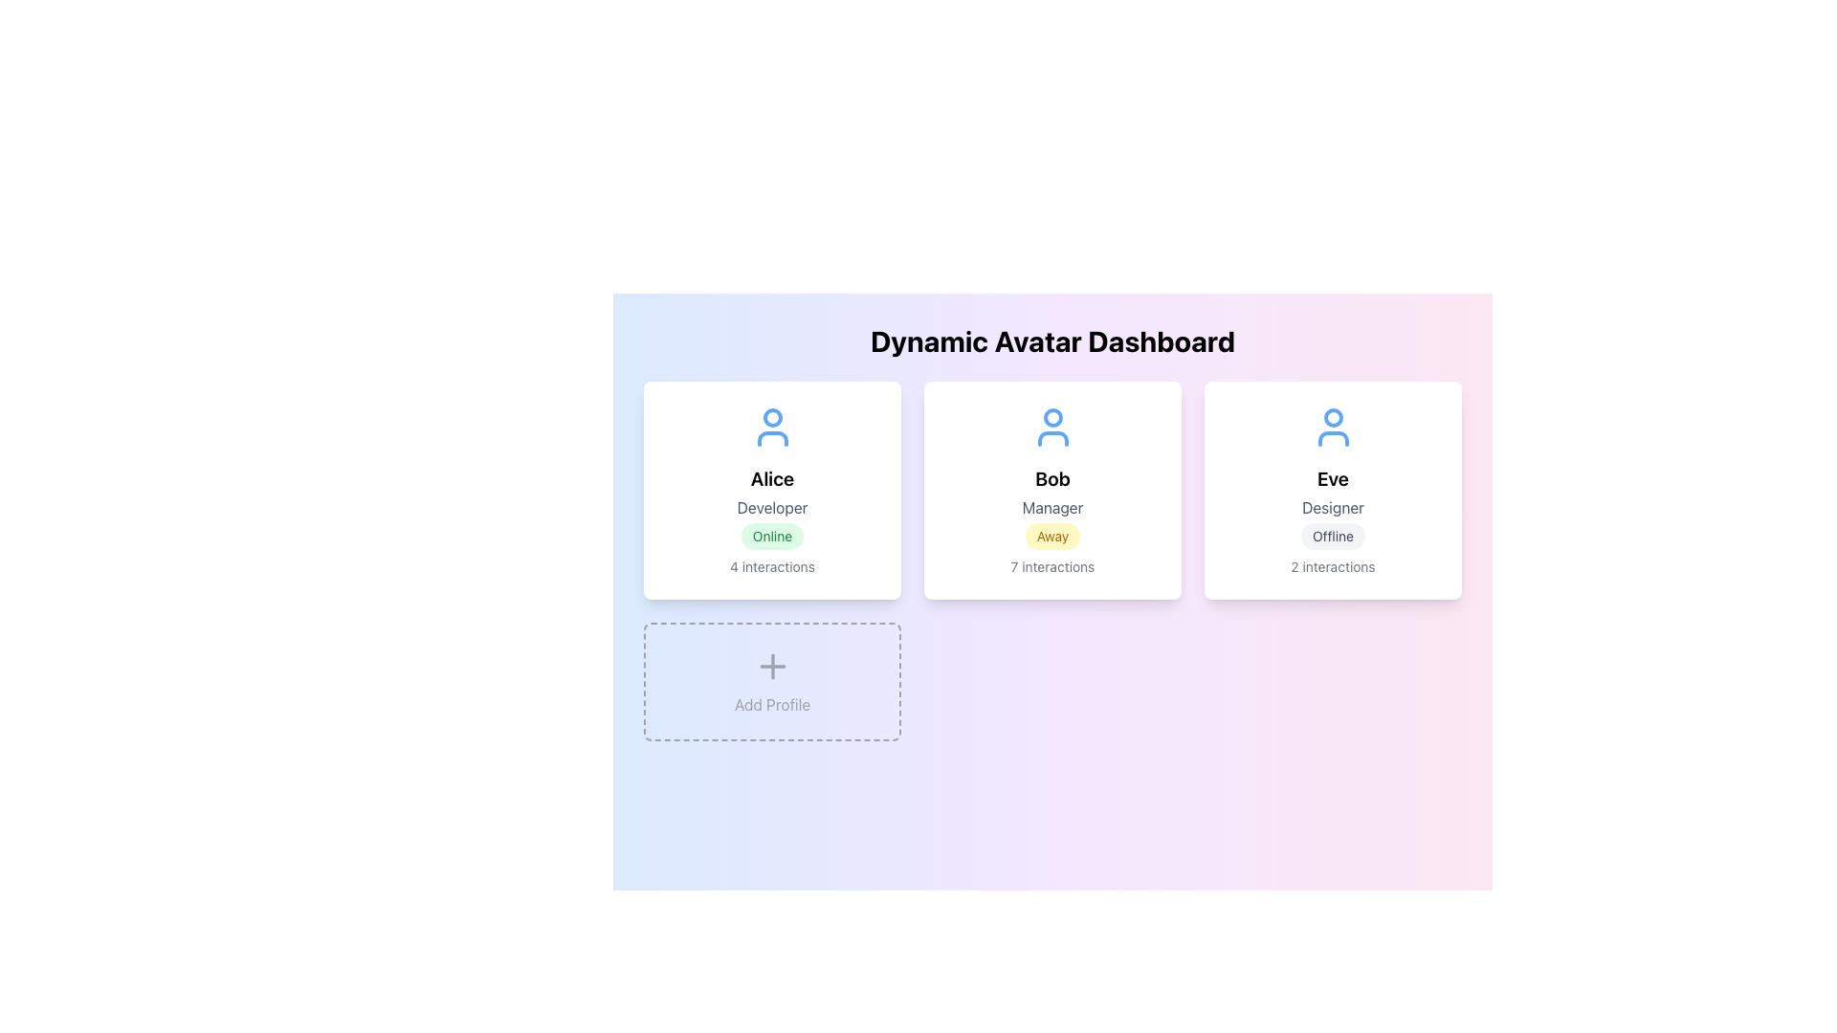 The width and height of the screenshot is (1837, 1033). What do you see at coordinates (1051, 566) in the screenshot?
I see `information displayed in the Text Label located at the bottom of the card titled 'Bob', which shows the number of interactions for user 'Bob'` at bounding box center [1051, 566].